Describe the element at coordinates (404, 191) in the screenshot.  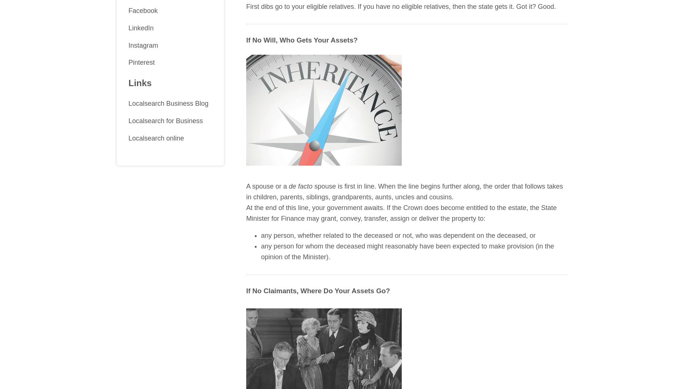
I see `'spouse is first in line. When the line begins further along, the order that follows takes in children, parents, siblings, grandparents, aunts, uncles and cousins.'` at that location.